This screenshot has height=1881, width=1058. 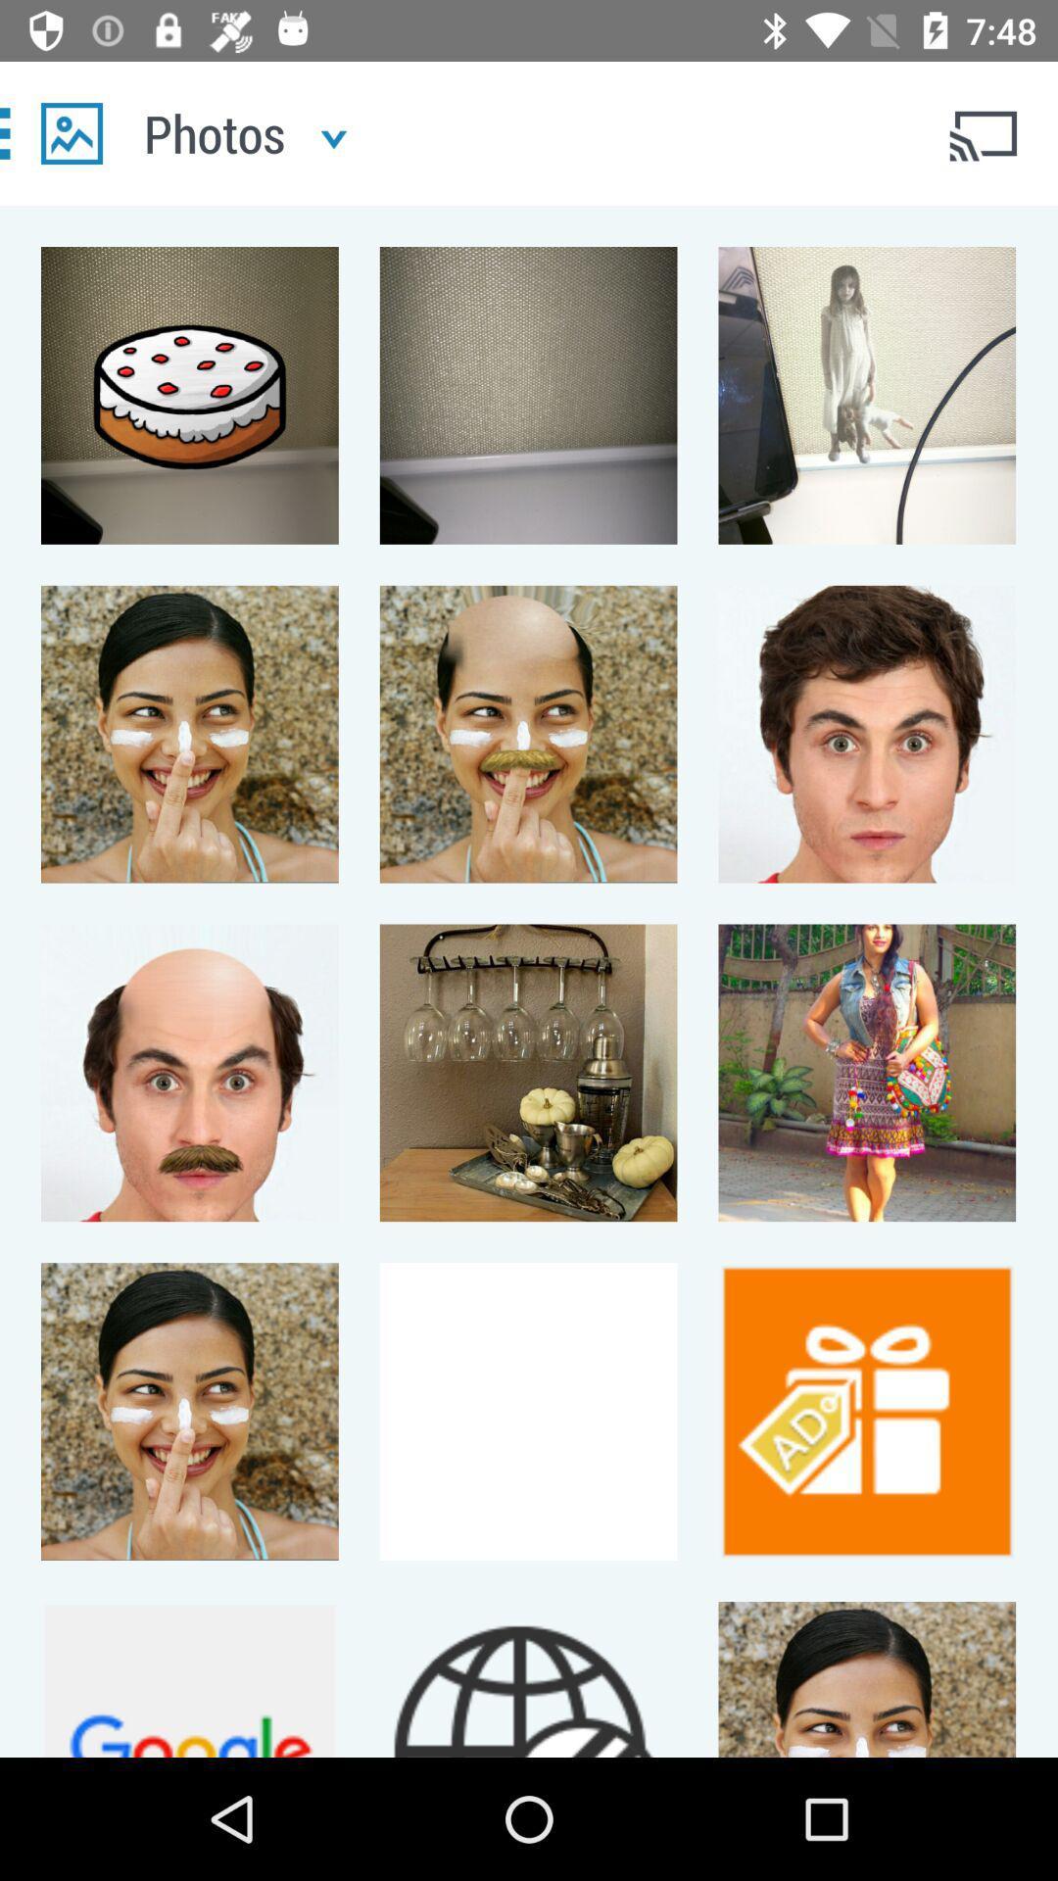 What do you see at coordinates (986, 132) in the screenshot?
I see `cast connection button` at bounding box center [986, 132].